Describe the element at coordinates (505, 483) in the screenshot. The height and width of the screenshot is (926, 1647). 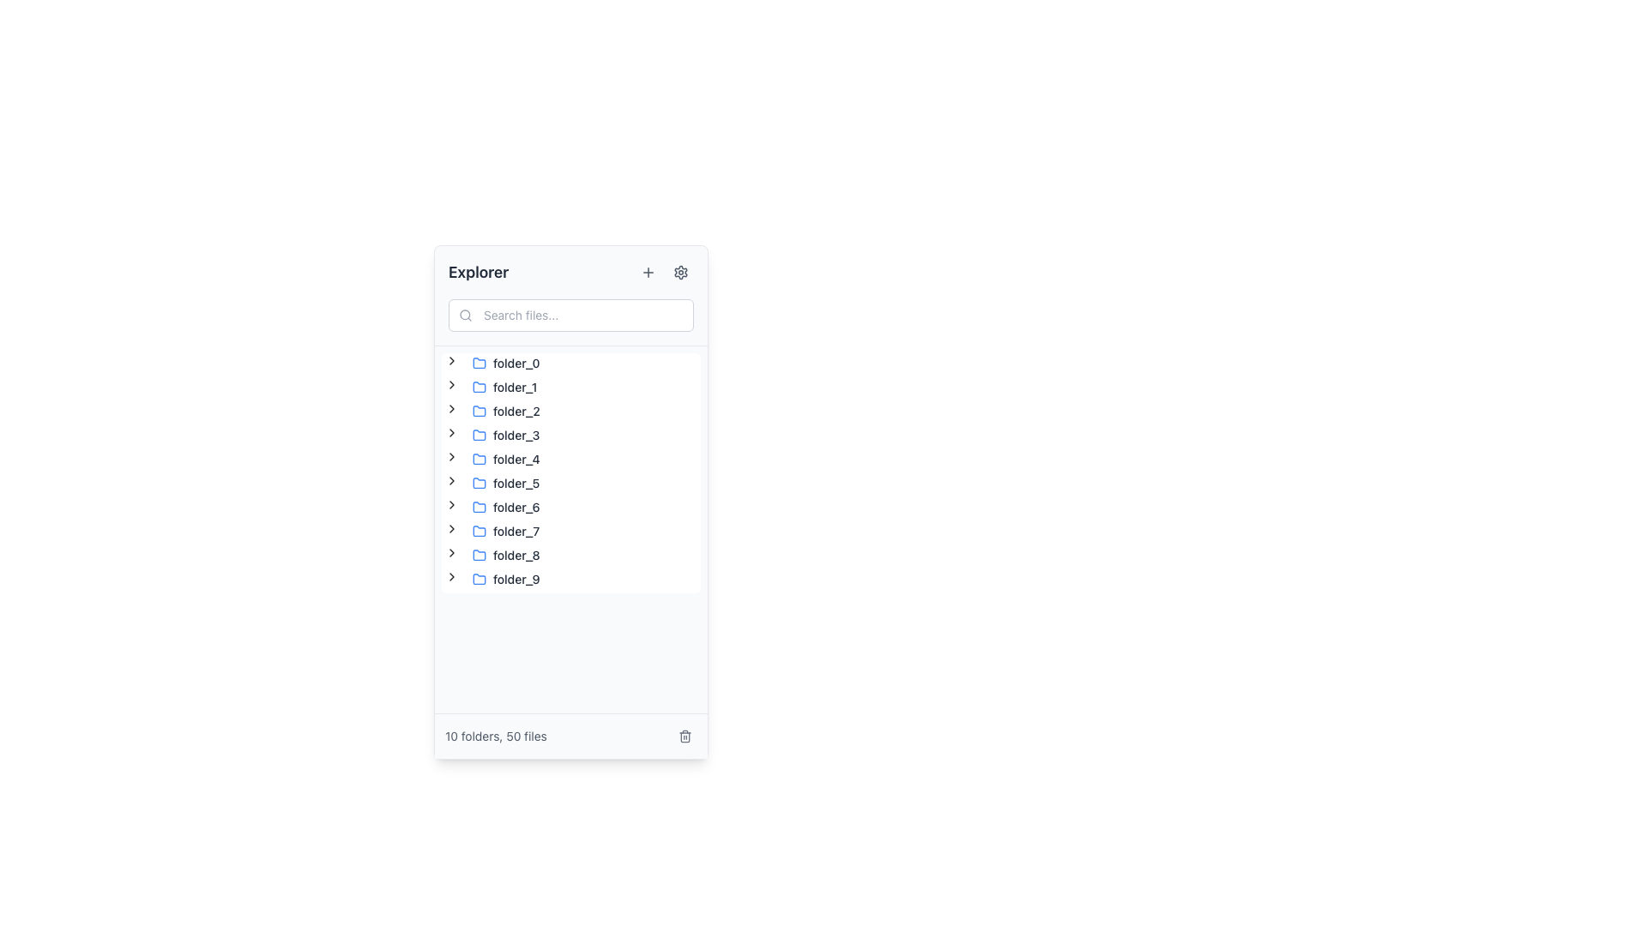
I see `the 'folder_5' entry in the file explorer panel` at that location.